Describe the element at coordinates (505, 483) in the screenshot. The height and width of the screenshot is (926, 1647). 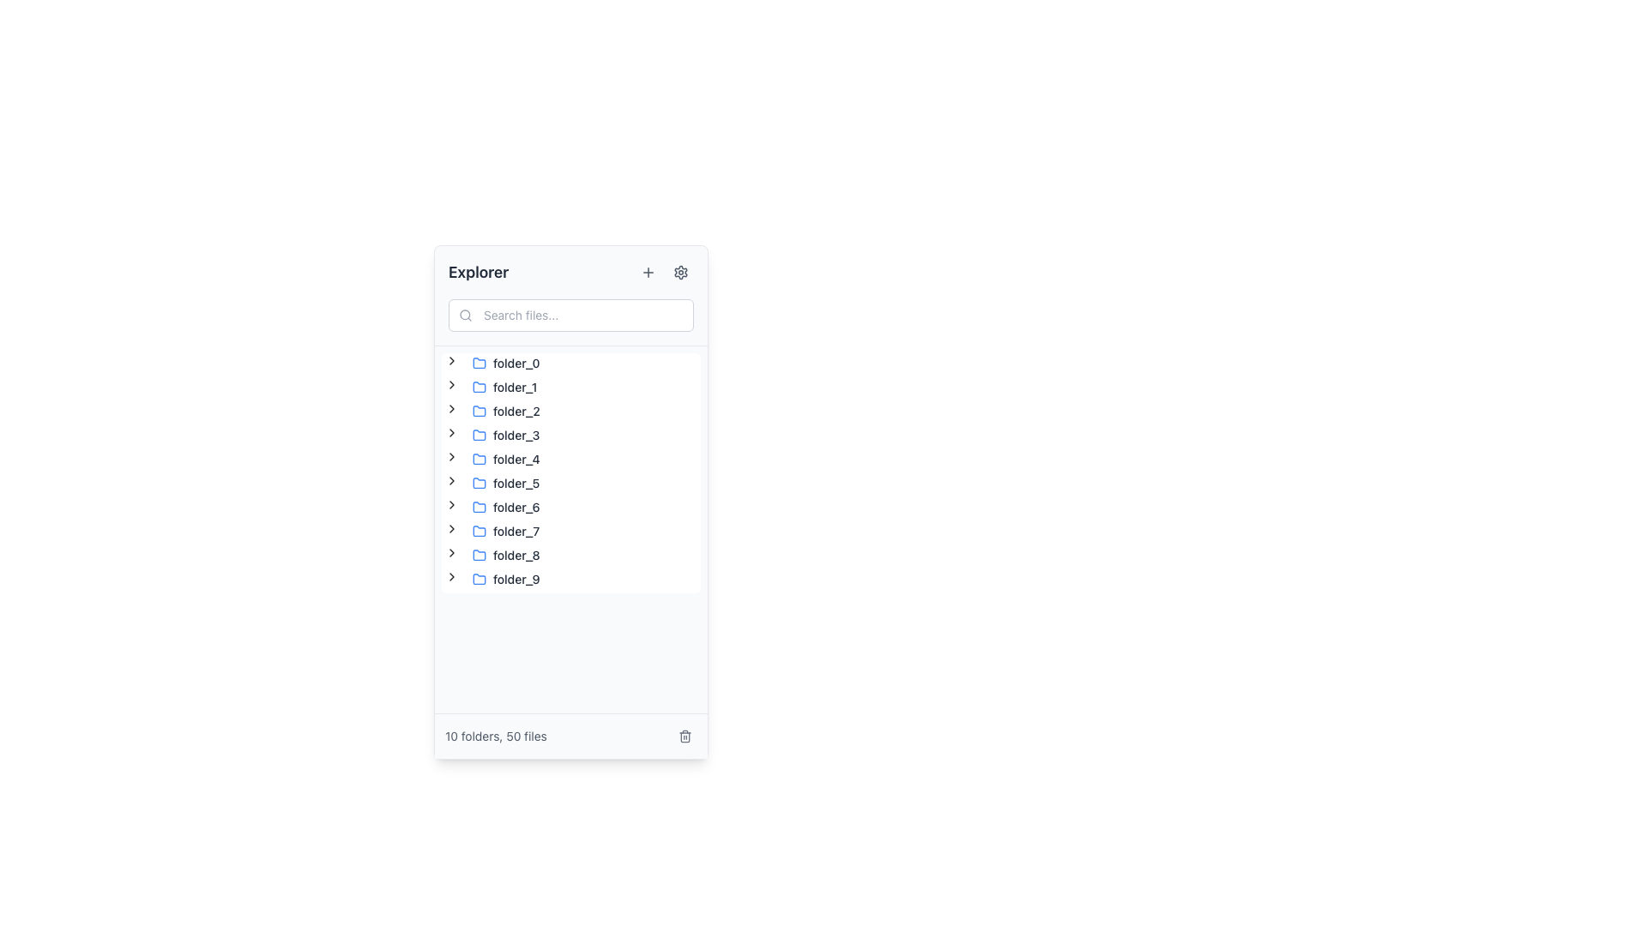
I see `the 'folder_5' entry in the file explorer panel` at that location.